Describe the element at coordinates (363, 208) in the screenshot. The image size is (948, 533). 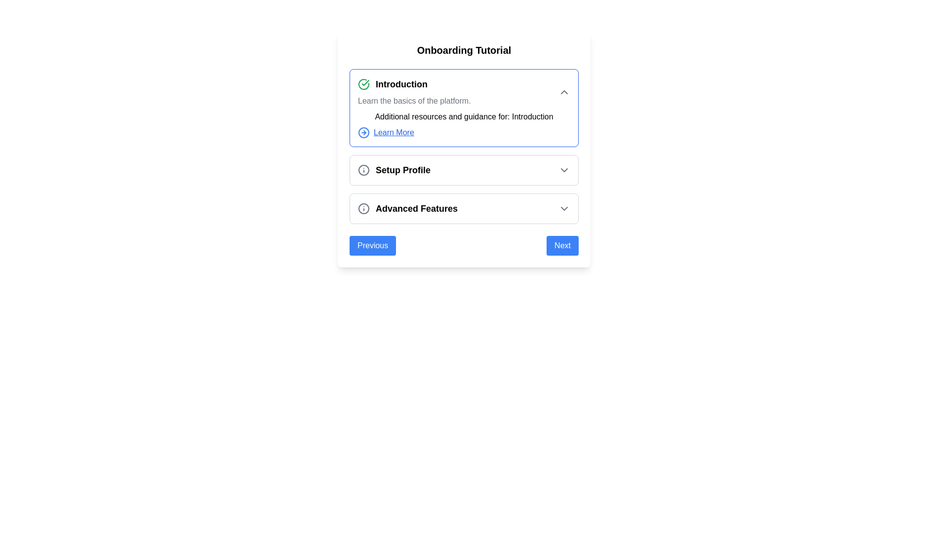
I see `the outlined circular information icon with an 'i' symbol located to the left of the 'Advanced Features' label in the third section of the onboarding tutorial` at that location.